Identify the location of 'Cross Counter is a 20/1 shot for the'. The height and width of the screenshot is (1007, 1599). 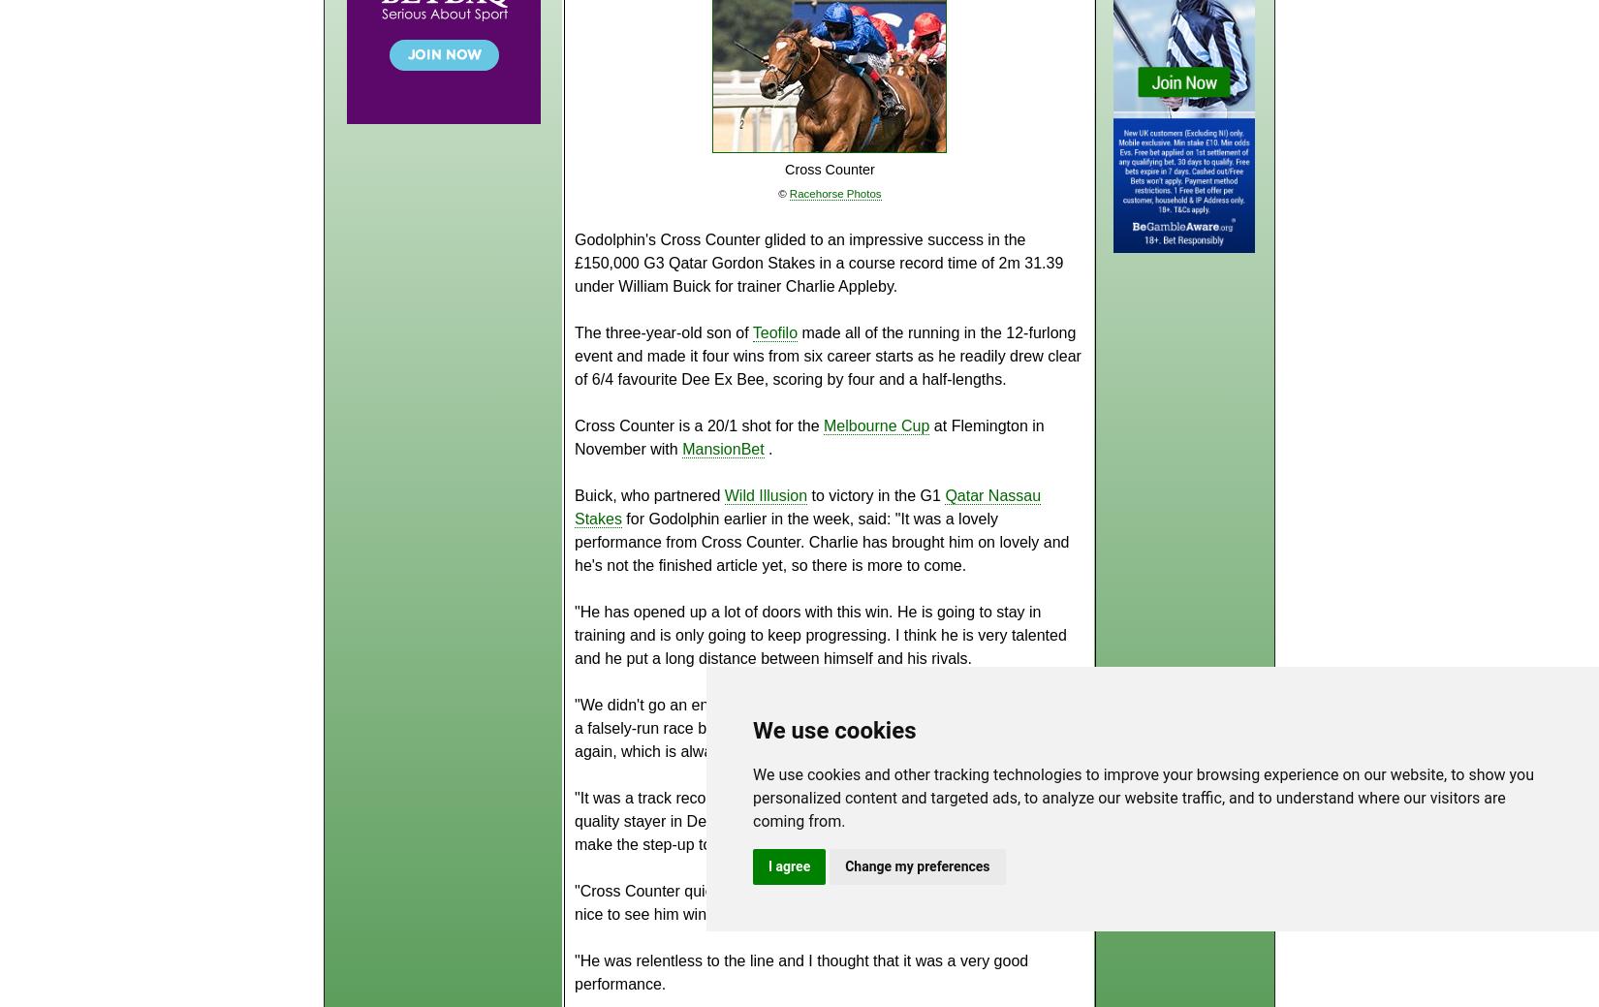
(698, 425).